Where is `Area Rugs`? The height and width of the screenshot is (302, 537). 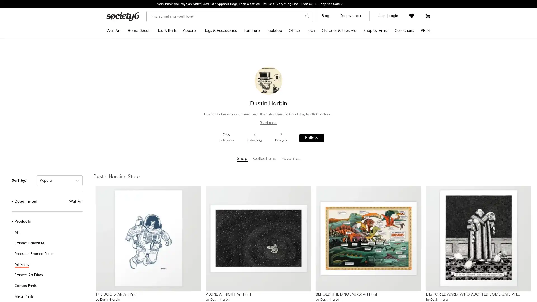
Area Rugs is located at coordinates (149, 126).